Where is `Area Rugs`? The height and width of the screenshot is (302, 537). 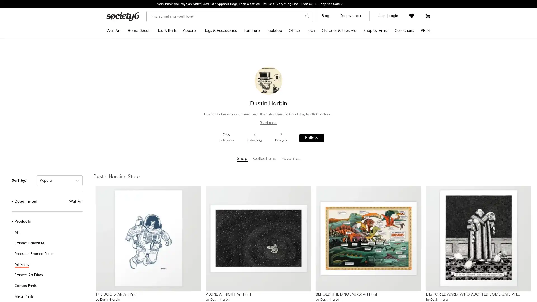
Area Rugs is located at coordinates (149, 126).